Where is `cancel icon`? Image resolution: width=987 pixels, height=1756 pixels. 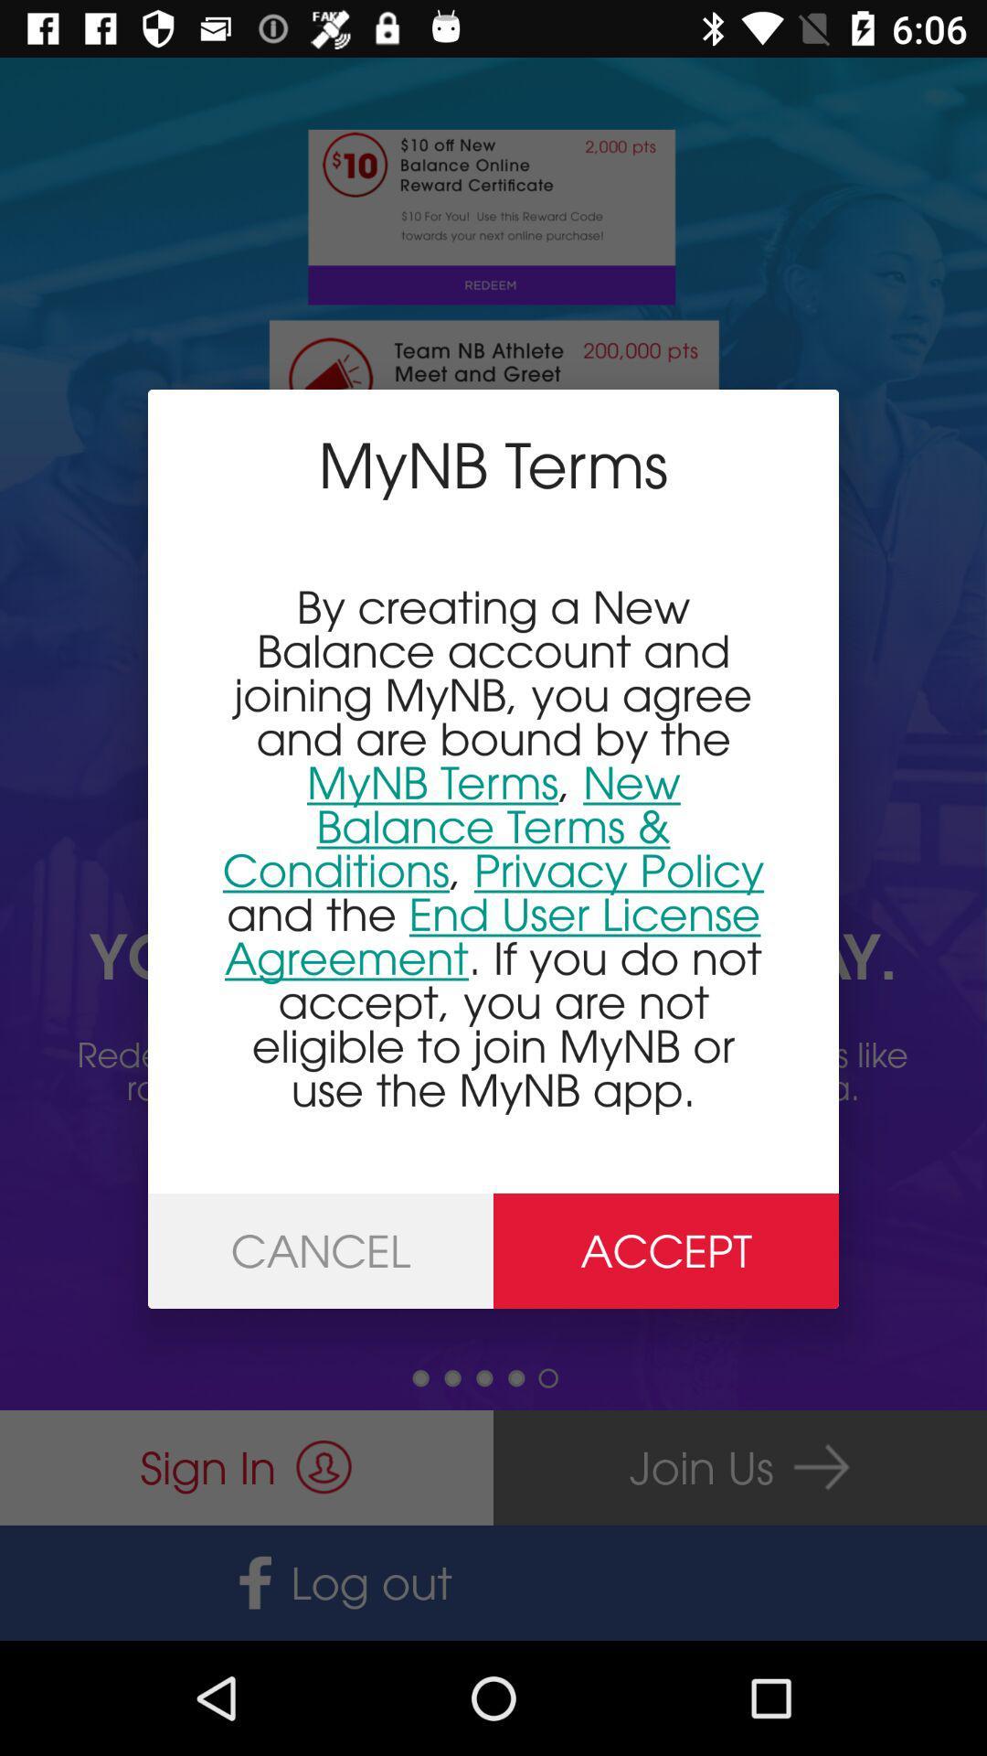
cancel icon is located at coordinates (320, 1250).